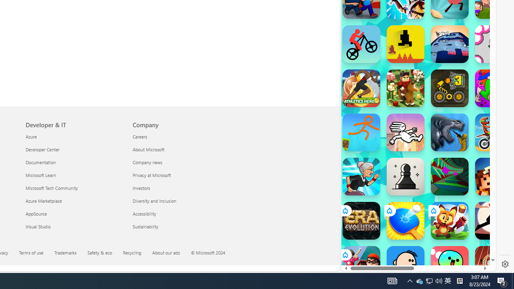 This screenshot has height=289, width=514. Describe the element at coordinates (494, 265) in the screenshot. I see `'100 Metres Race'` at that location.